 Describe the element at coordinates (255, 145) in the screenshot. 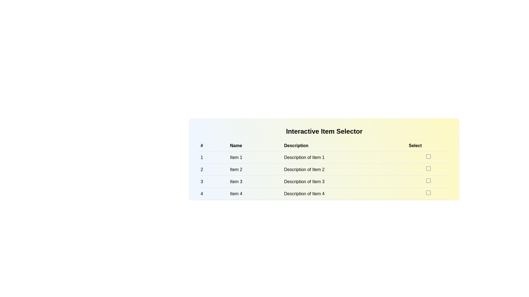

I see `the 'Name' column header to sort the table by name` at that location.